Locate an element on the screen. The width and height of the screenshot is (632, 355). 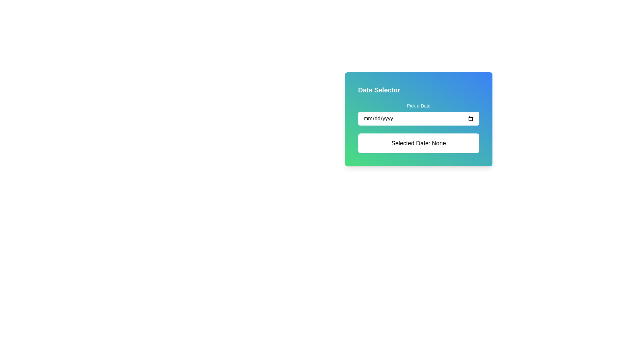
the Static Text Label that serves as a header for the date section located at the top-left corner of the central panel is located at coordinates (379, 90).